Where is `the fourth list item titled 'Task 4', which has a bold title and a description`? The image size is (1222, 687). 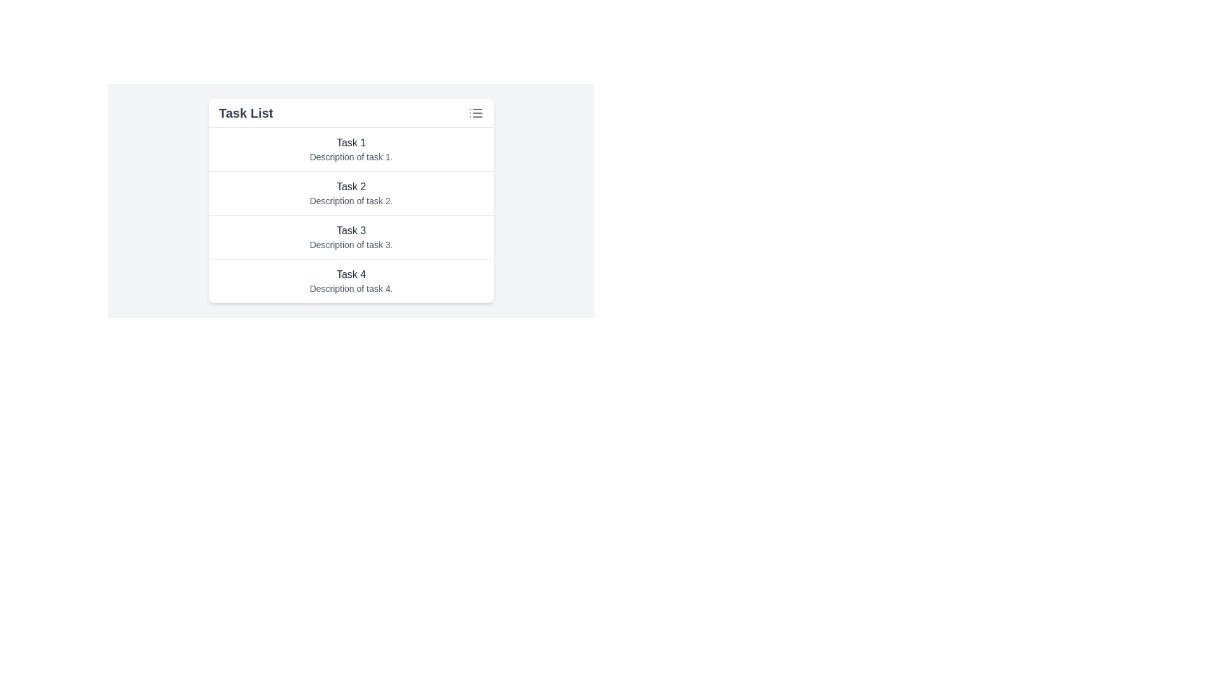
the fourth list item titled 'Task 4', which has a bold title and a description is located at coordinates (351, 281).